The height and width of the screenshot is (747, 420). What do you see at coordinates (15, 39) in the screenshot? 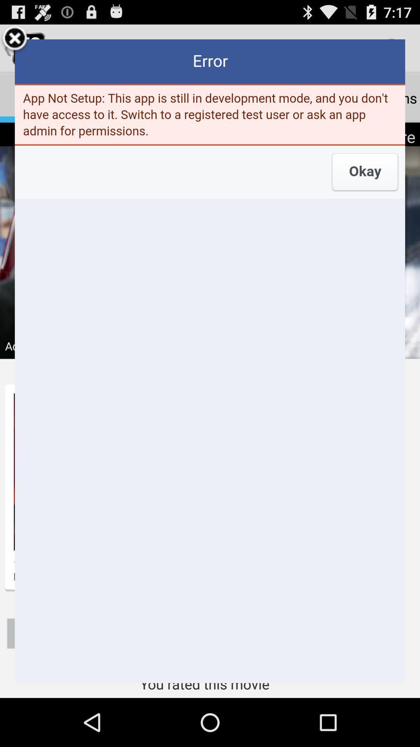
I see `the tab` at bounding box center [15, 39].